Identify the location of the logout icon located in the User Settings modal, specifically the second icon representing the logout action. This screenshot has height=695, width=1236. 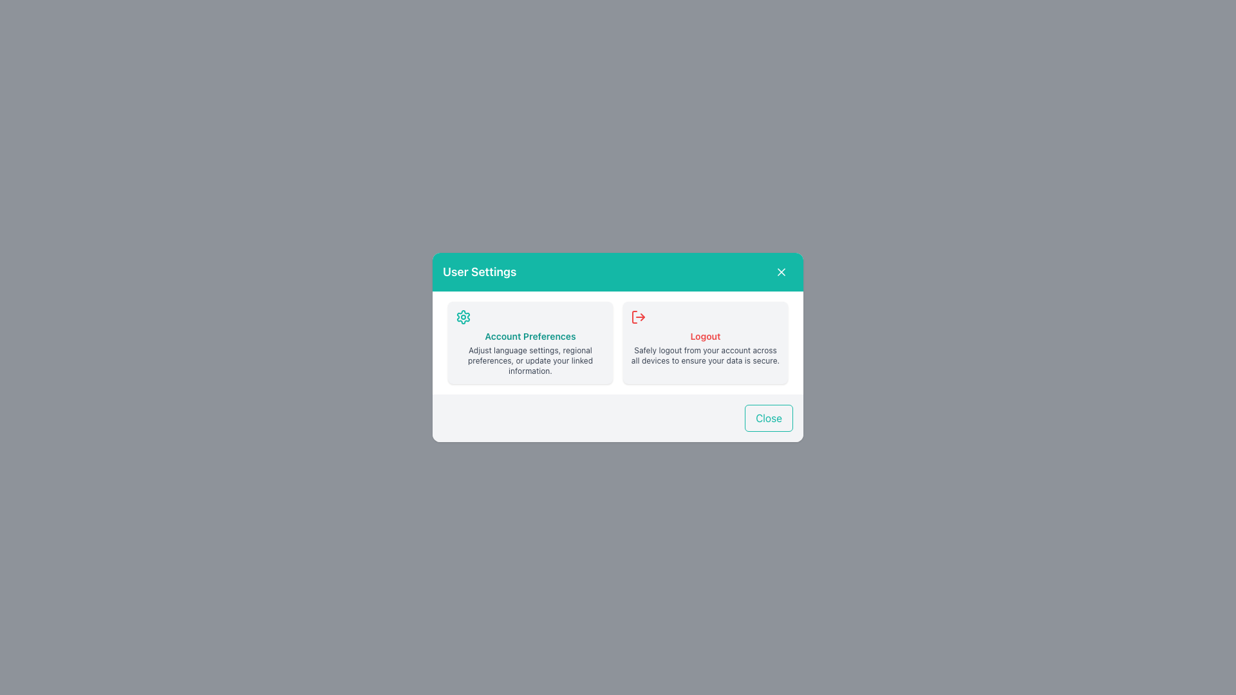
(642, 317).